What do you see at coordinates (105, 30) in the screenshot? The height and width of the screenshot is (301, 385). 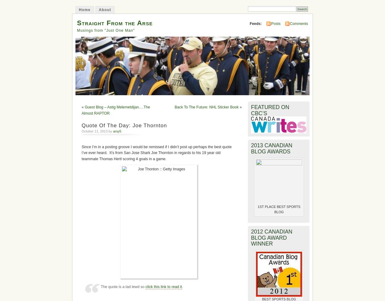 I see `'Musings from "Just One Man"'` at bounding box center [105, 30].